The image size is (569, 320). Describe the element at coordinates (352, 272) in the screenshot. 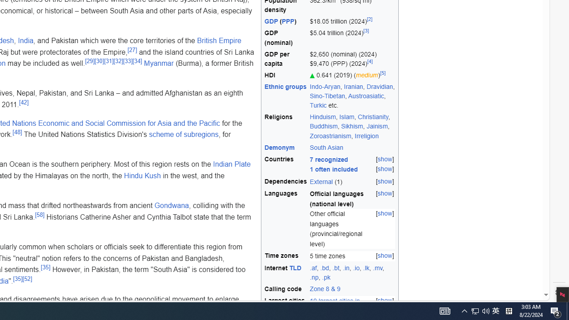

I see `'.af, .bd, .bt, .in, .io, .lk, .mv, .np, .pk'` at that location.